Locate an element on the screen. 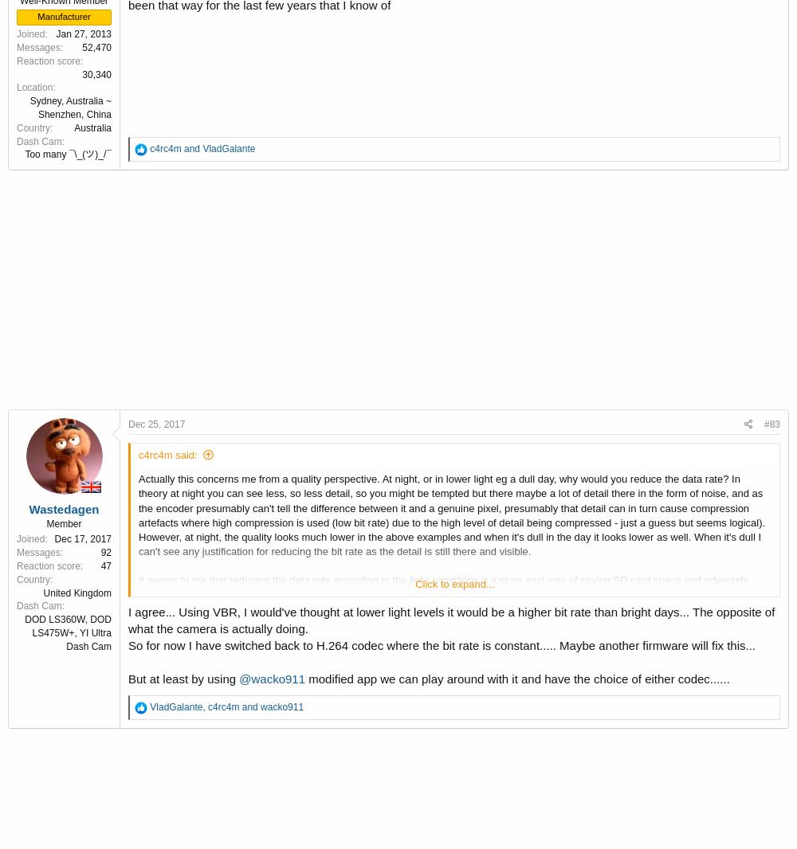 This screenshot has height=849, width=797. 'I agree... Using VBR, I would've thought at lower light levels it would be a higher bit rate than bright days... The opposite of what the camera is actually doing.' is located at coordinates (450, 618).